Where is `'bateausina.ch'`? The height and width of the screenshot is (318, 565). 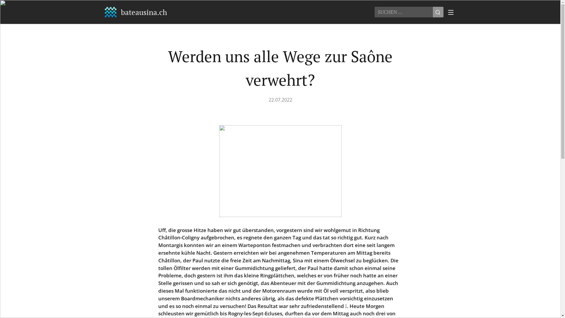 'bateausina.ch' is located at coordinates (135, 12).